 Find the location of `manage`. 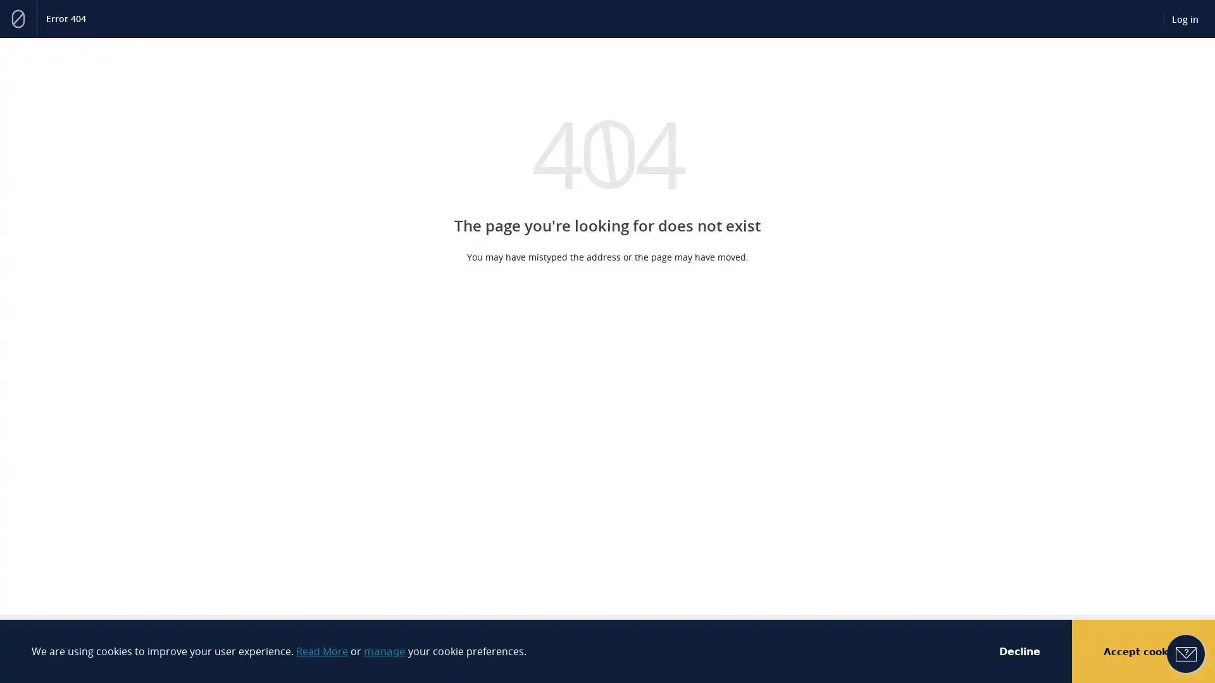

manage is located at coordinates (384, 651).